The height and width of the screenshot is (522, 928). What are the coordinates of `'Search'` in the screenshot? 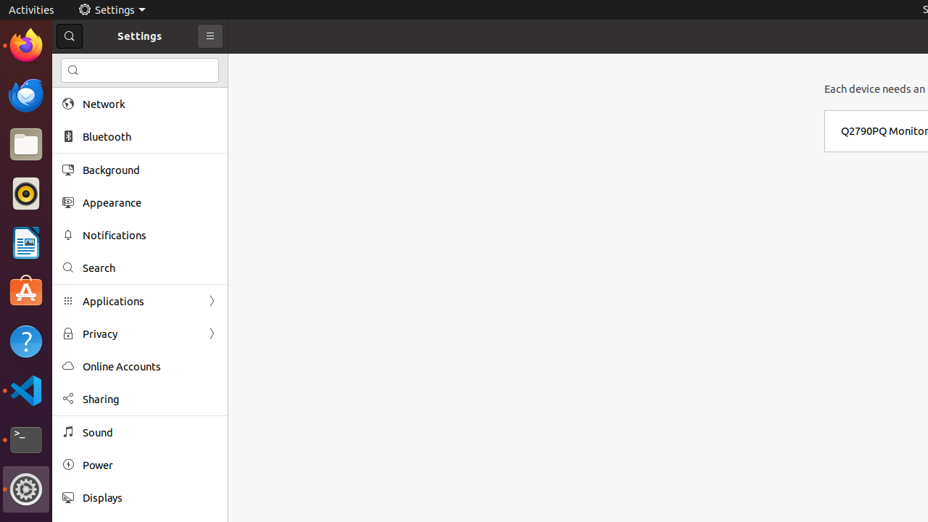 It's located at (149, 268).